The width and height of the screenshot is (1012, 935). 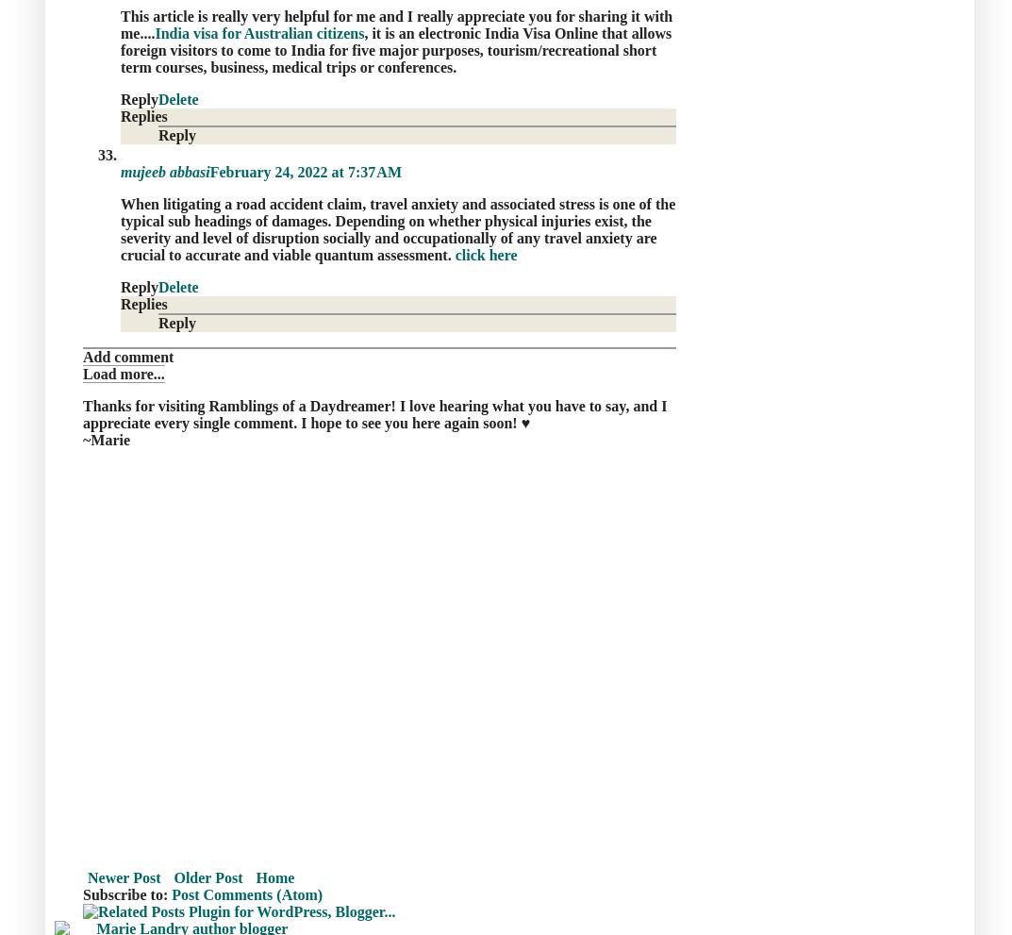 What do you see at coordinates (164, 170) in the screenshot?
I see `'mujeeb abbasi'` at bounding box center [164, 170].